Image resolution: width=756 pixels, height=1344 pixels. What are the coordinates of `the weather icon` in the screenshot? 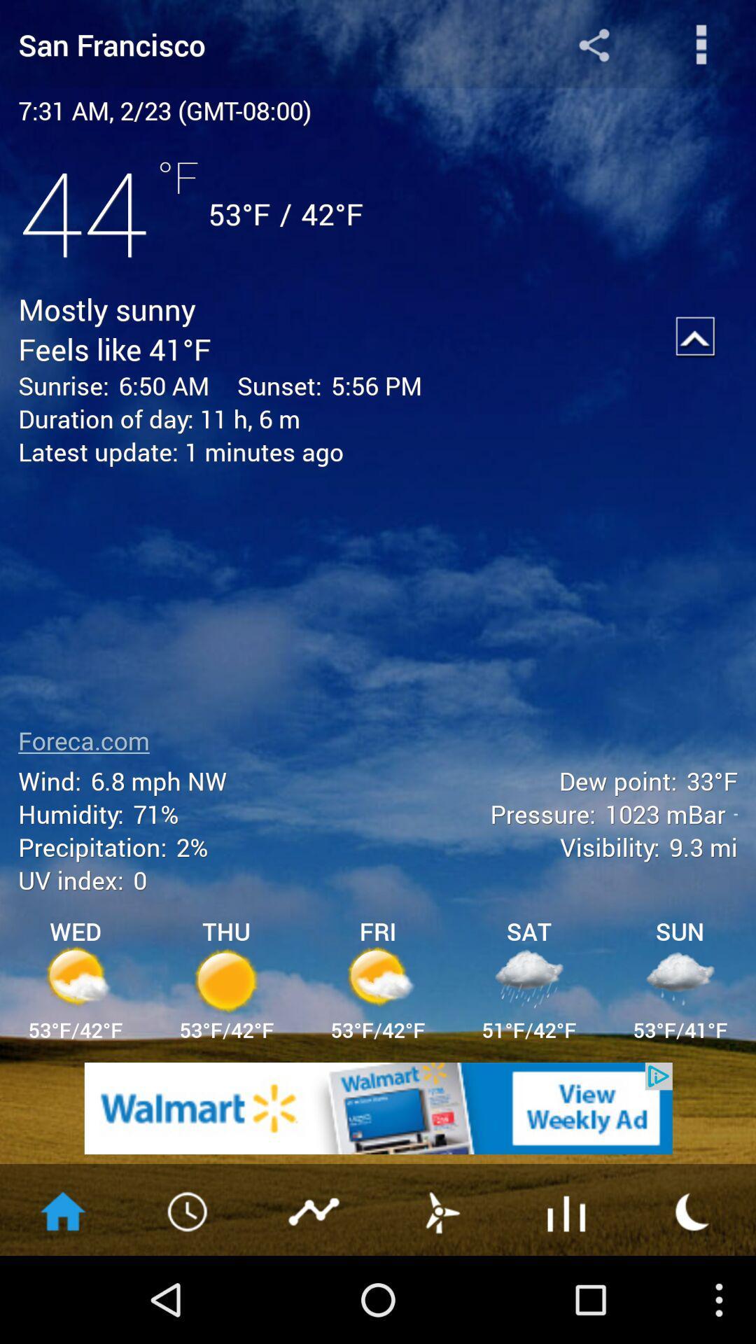 It's located at (693, 1294).